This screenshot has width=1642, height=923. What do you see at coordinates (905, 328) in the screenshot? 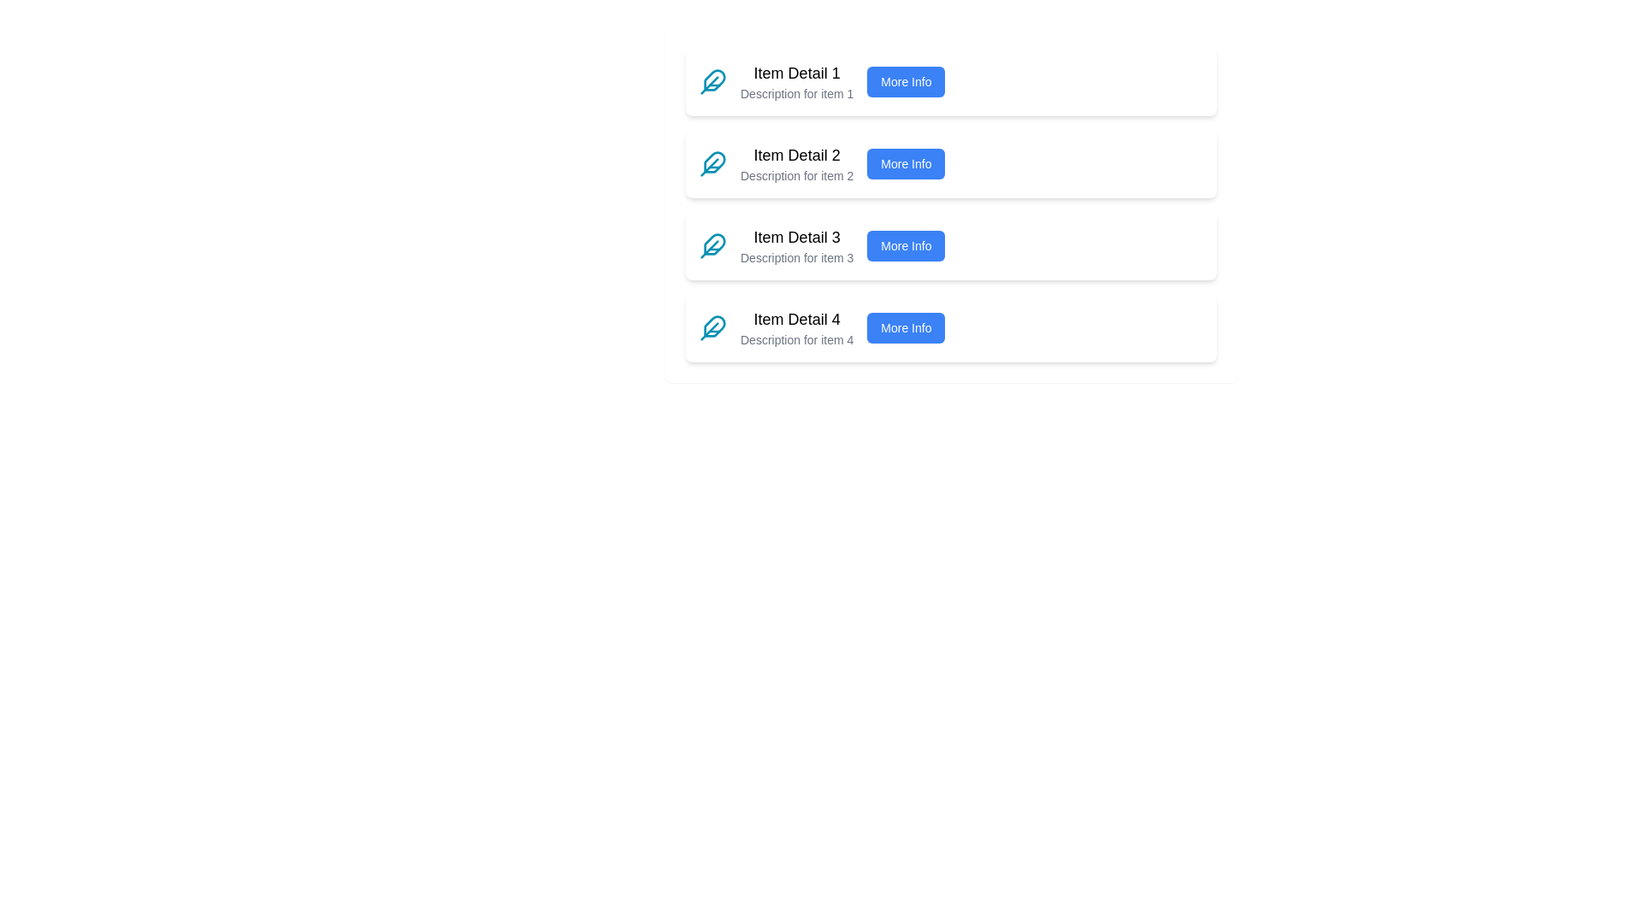
I see `the button located at the far right of the bottommost item in a vertical list, next to the descriptive text 'Description for item 4'` at bounding box center [905, 328].